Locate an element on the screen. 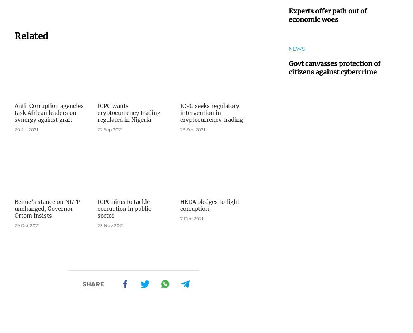 This screenshot has height=333, width=413. 'Related' is located at coordinates (31, 36).